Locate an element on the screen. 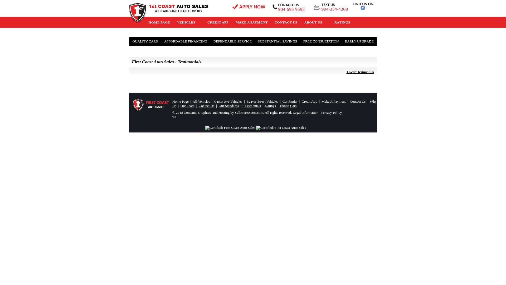 Image resolution: width=506 pixels, height=285 pixels. 'Our Standards' is located at coordinates (229, 106).